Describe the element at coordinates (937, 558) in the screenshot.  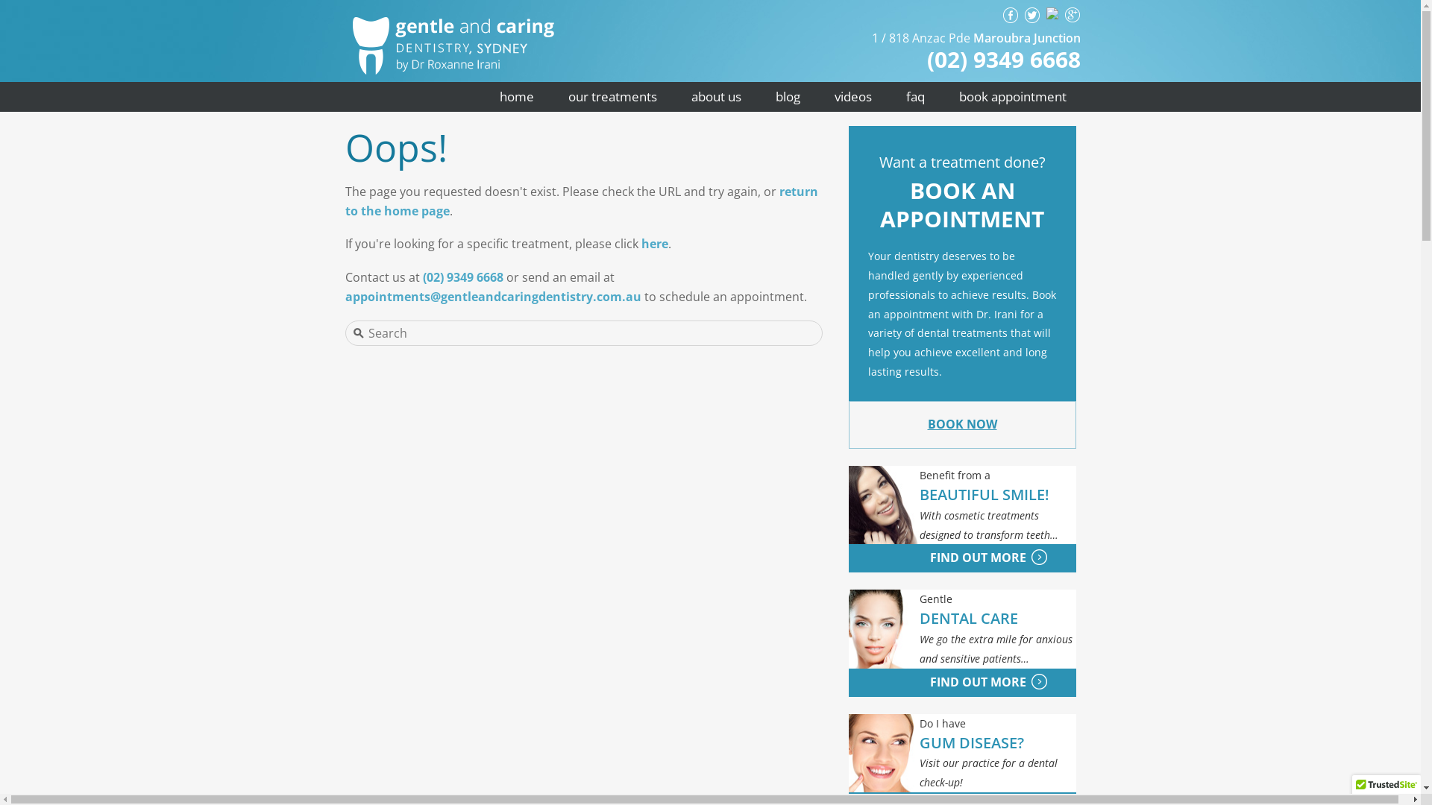
I see `'FIND OUT MORE'` at that location.